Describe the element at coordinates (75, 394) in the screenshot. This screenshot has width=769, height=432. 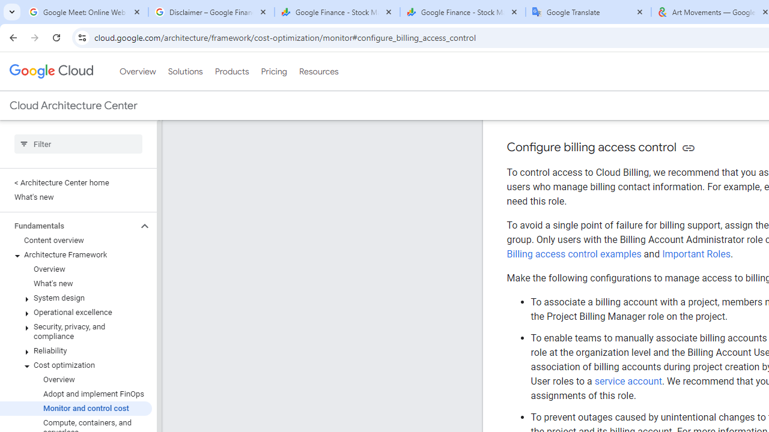
I see `'Adopt and implement FinOps'` at that location.